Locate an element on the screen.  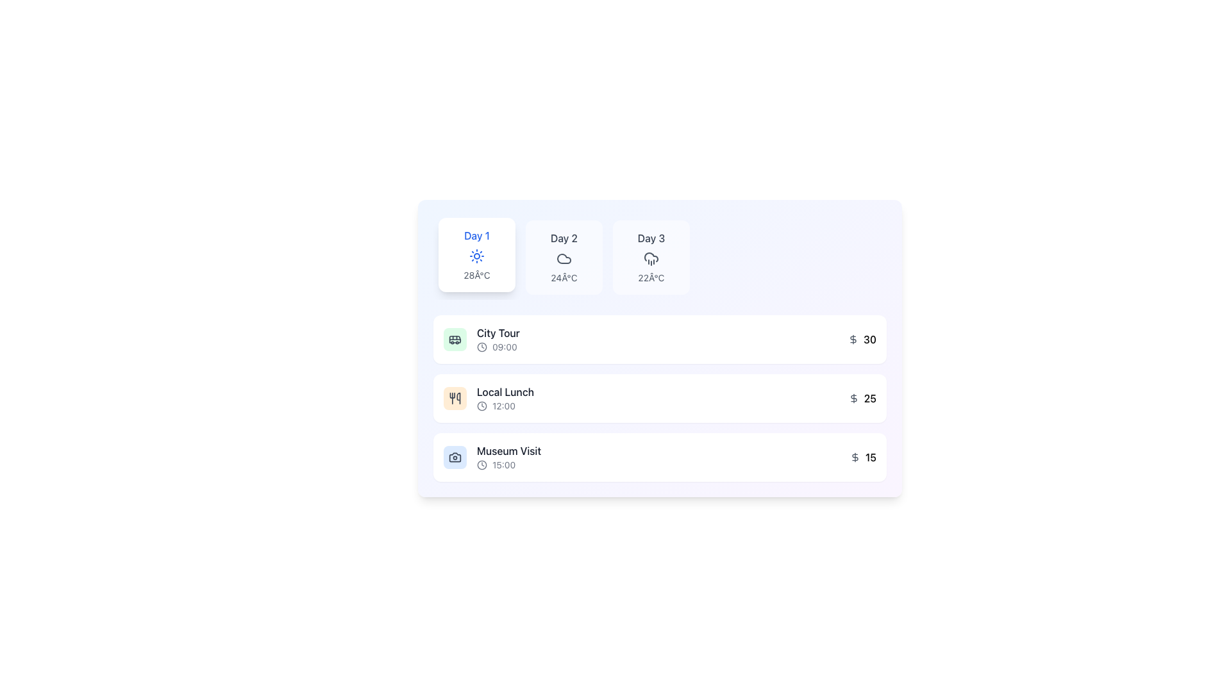
the 'Local Lunch' text label in the itinerary list, which is positioned between 'City Tour' and 'Museum Visit', and above a smaller label showing '12:00' is located at coordinates (505, 391).